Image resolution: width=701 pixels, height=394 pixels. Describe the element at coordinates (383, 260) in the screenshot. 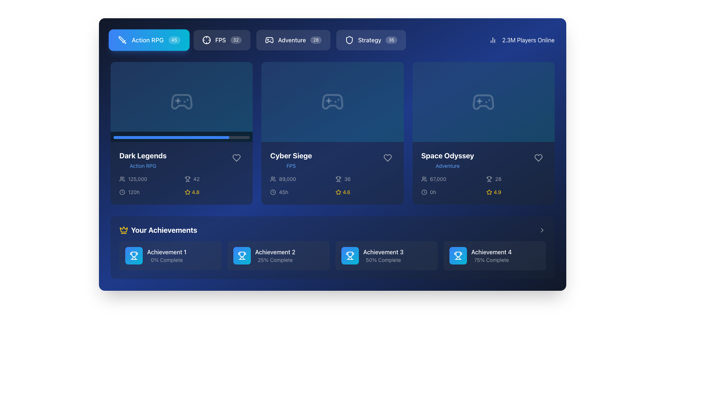

I see `the progress percentage text label of 'Achievement 3' located underneath the title in the third achievement card within the 'Your Achievements' section` at that location.